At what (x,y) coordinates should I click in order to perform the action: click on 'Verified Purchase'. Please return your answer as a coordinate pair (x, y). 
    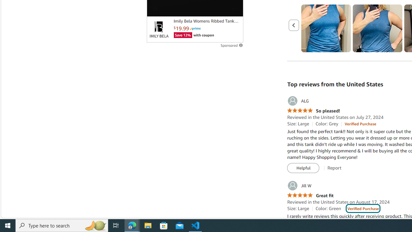
    Looking at the image, I should click on (363, 208).